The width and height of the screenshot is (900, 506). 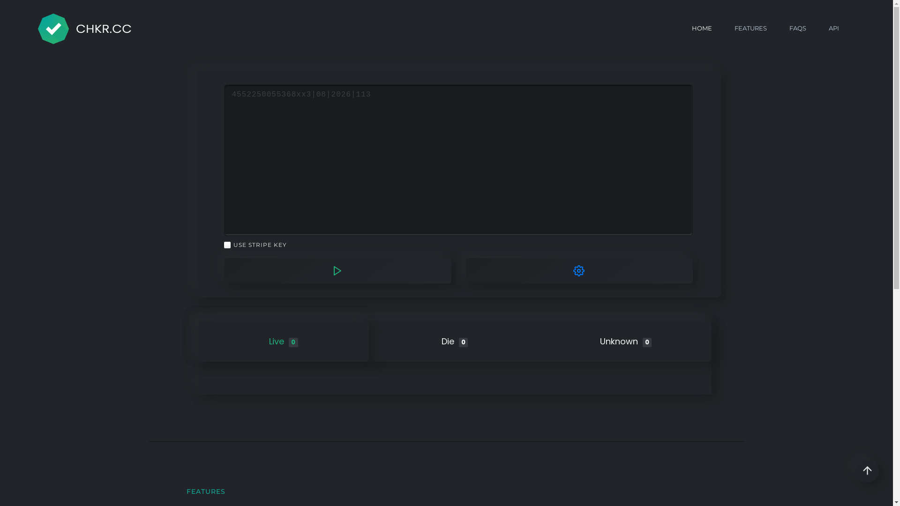 What do you see at coordinates (702, 28) in the screenshot?
I see `'HOME'` at bounding box center [702, 28].